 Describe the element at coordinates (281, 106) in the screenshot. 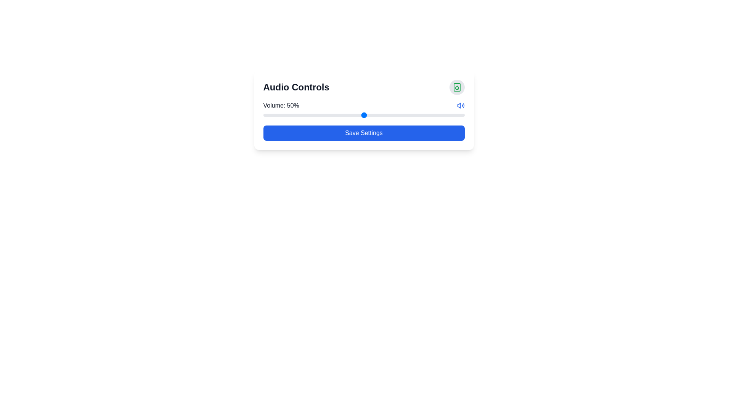

I see `current volume level displayed as a percentage in the static text located at the leftmost side of the volume controls` at that location.